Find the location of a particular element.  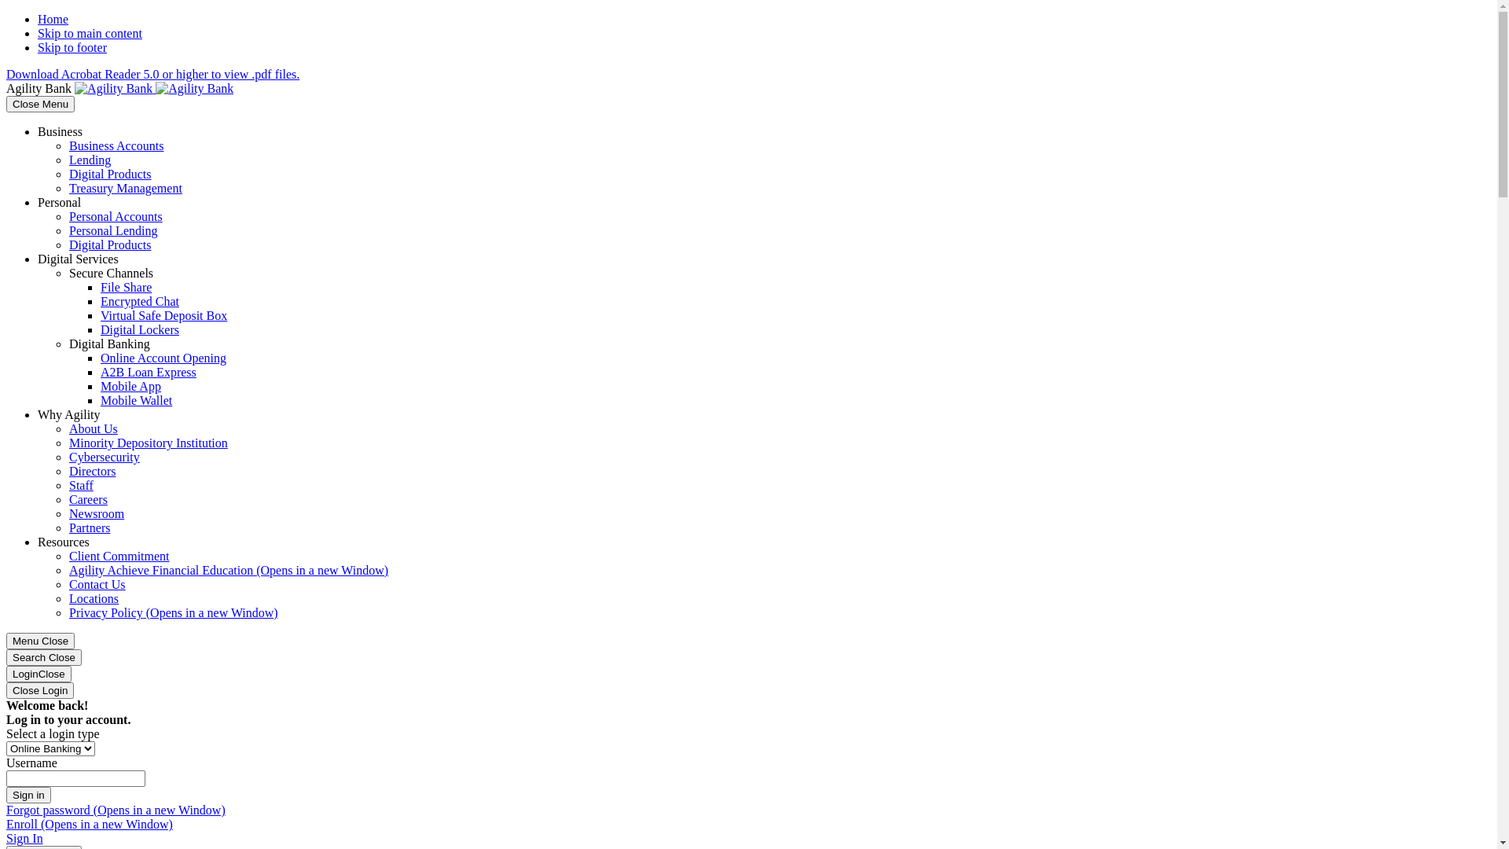

'Digital Products' is located at coordinates (108, 174).